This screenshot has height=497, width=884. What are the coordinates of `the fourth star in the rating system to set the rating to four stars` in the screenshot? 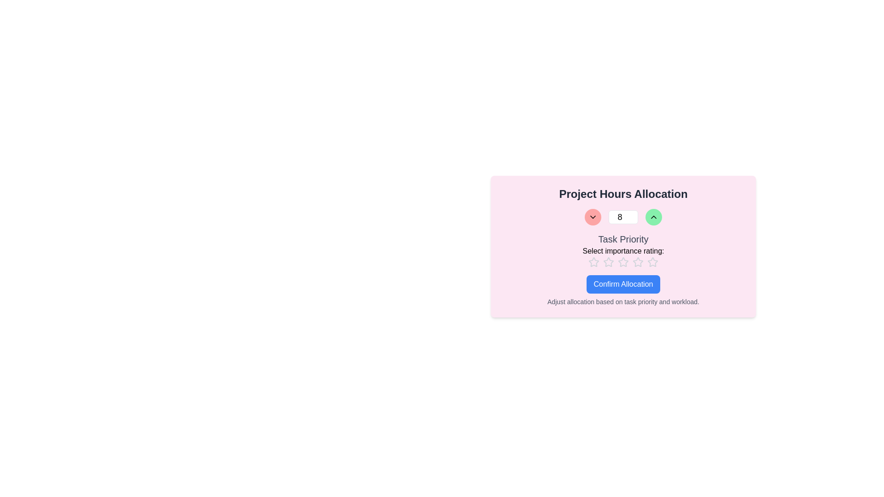 It's located at (651, 262).